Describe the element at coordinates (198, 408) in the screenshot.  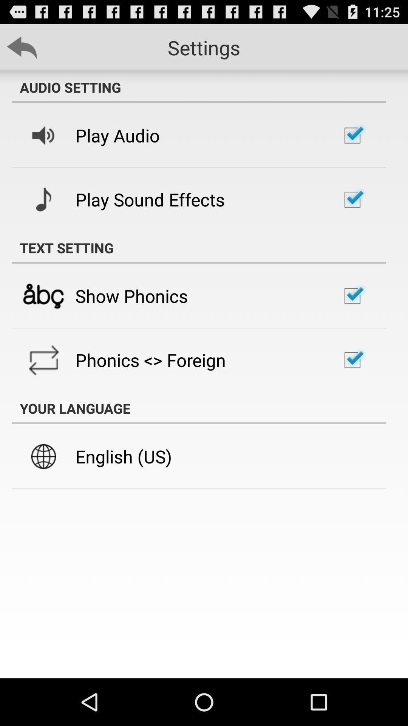
I see `the your language icon` at that location.